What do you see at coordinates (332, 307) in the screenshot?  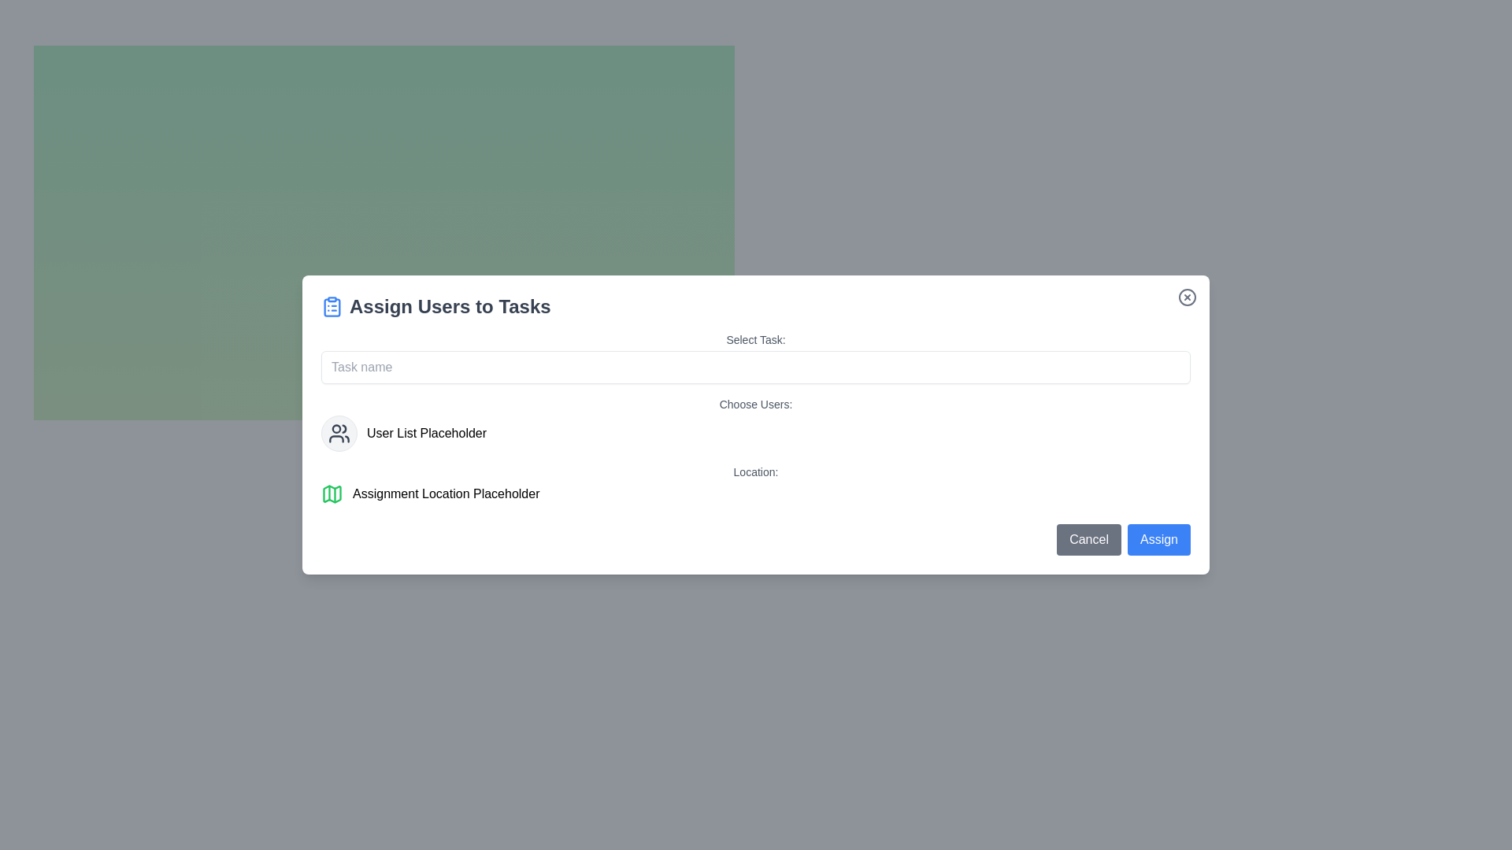 I see `the clipboard icon with a list representation located in the top-left area of the 'Assign Users to Tasks' dialog box` at bounding box center [332, 307].